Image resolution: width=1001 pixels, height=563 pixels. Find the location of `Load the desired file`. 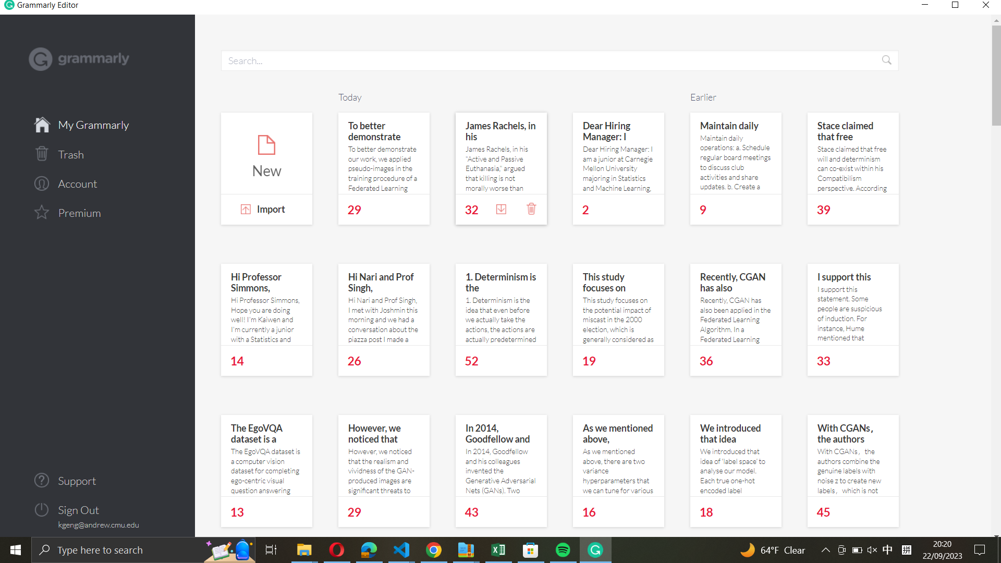

Load the desired file is located at coordinates (266, 211).